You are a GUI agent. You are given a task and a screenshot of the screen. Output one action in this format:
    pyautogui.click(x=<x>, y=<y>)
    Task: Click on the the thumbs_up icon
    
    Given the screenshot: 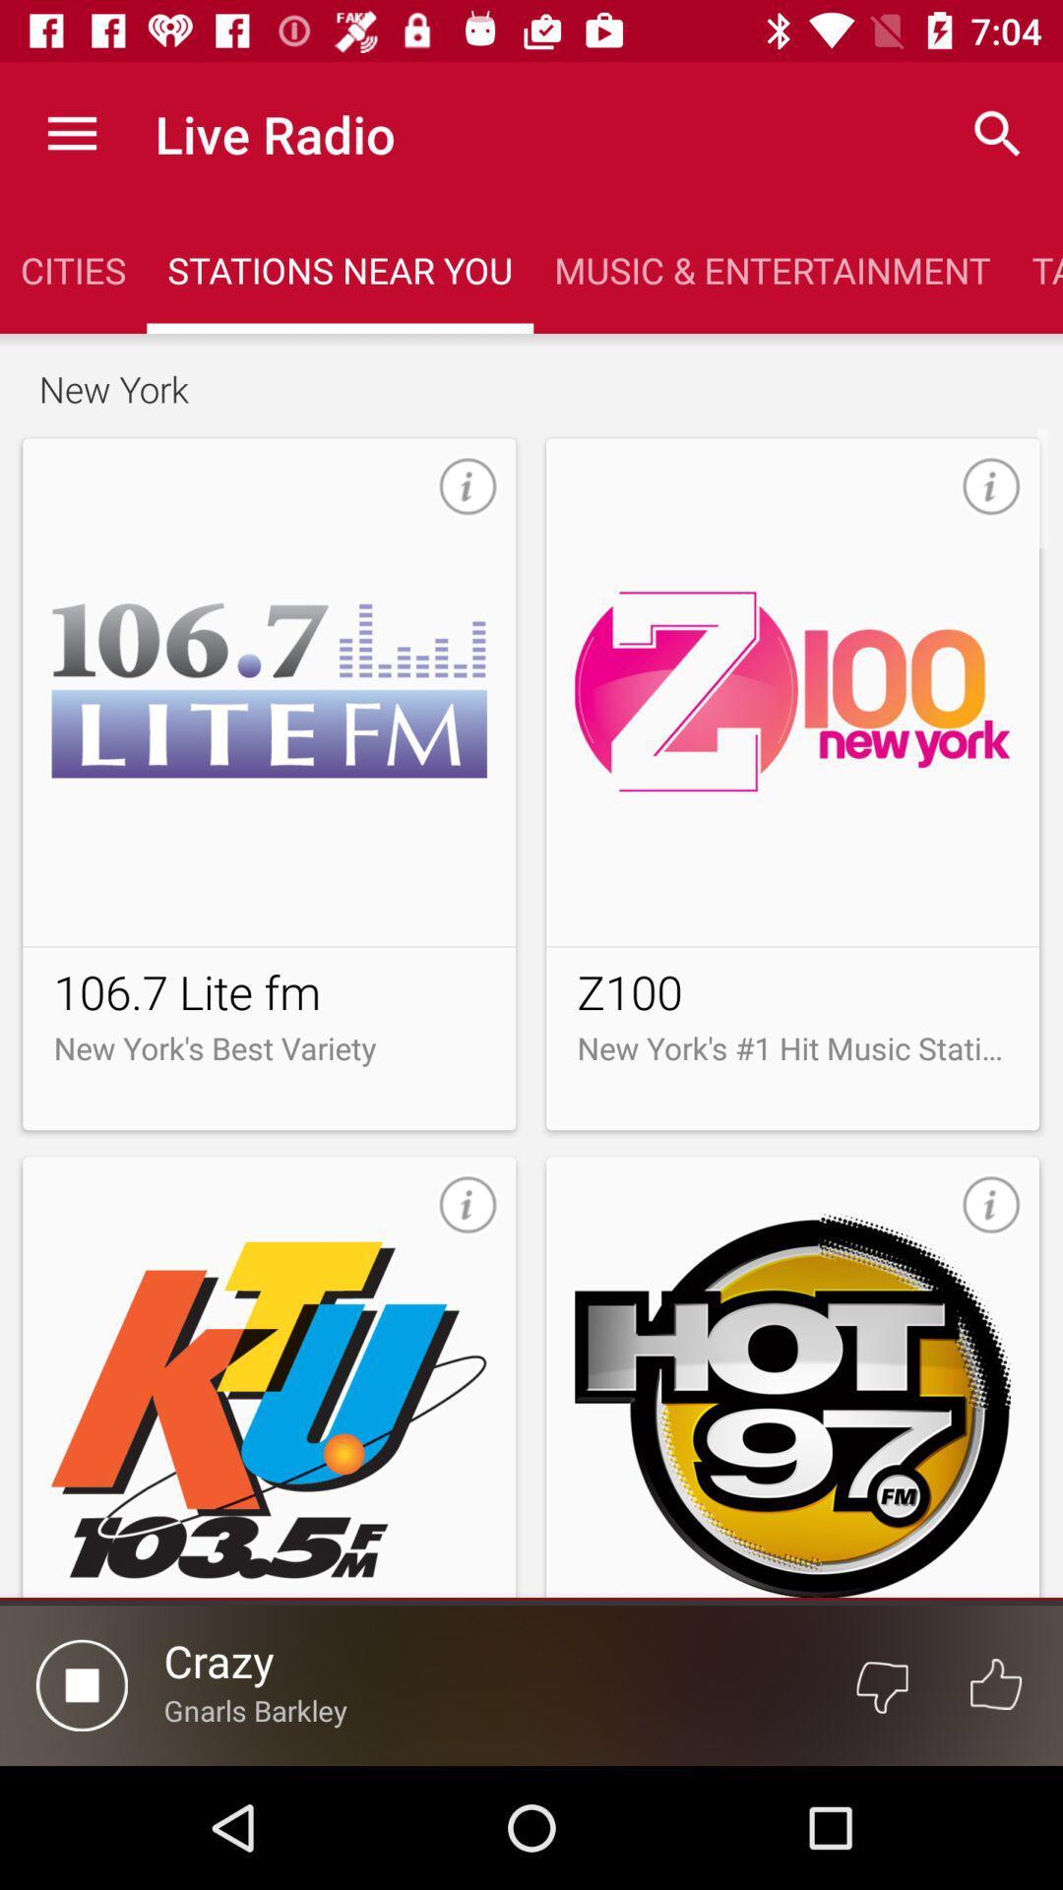 What is the action you would take?
    pyautogui.click(x=996, y=1684)
    